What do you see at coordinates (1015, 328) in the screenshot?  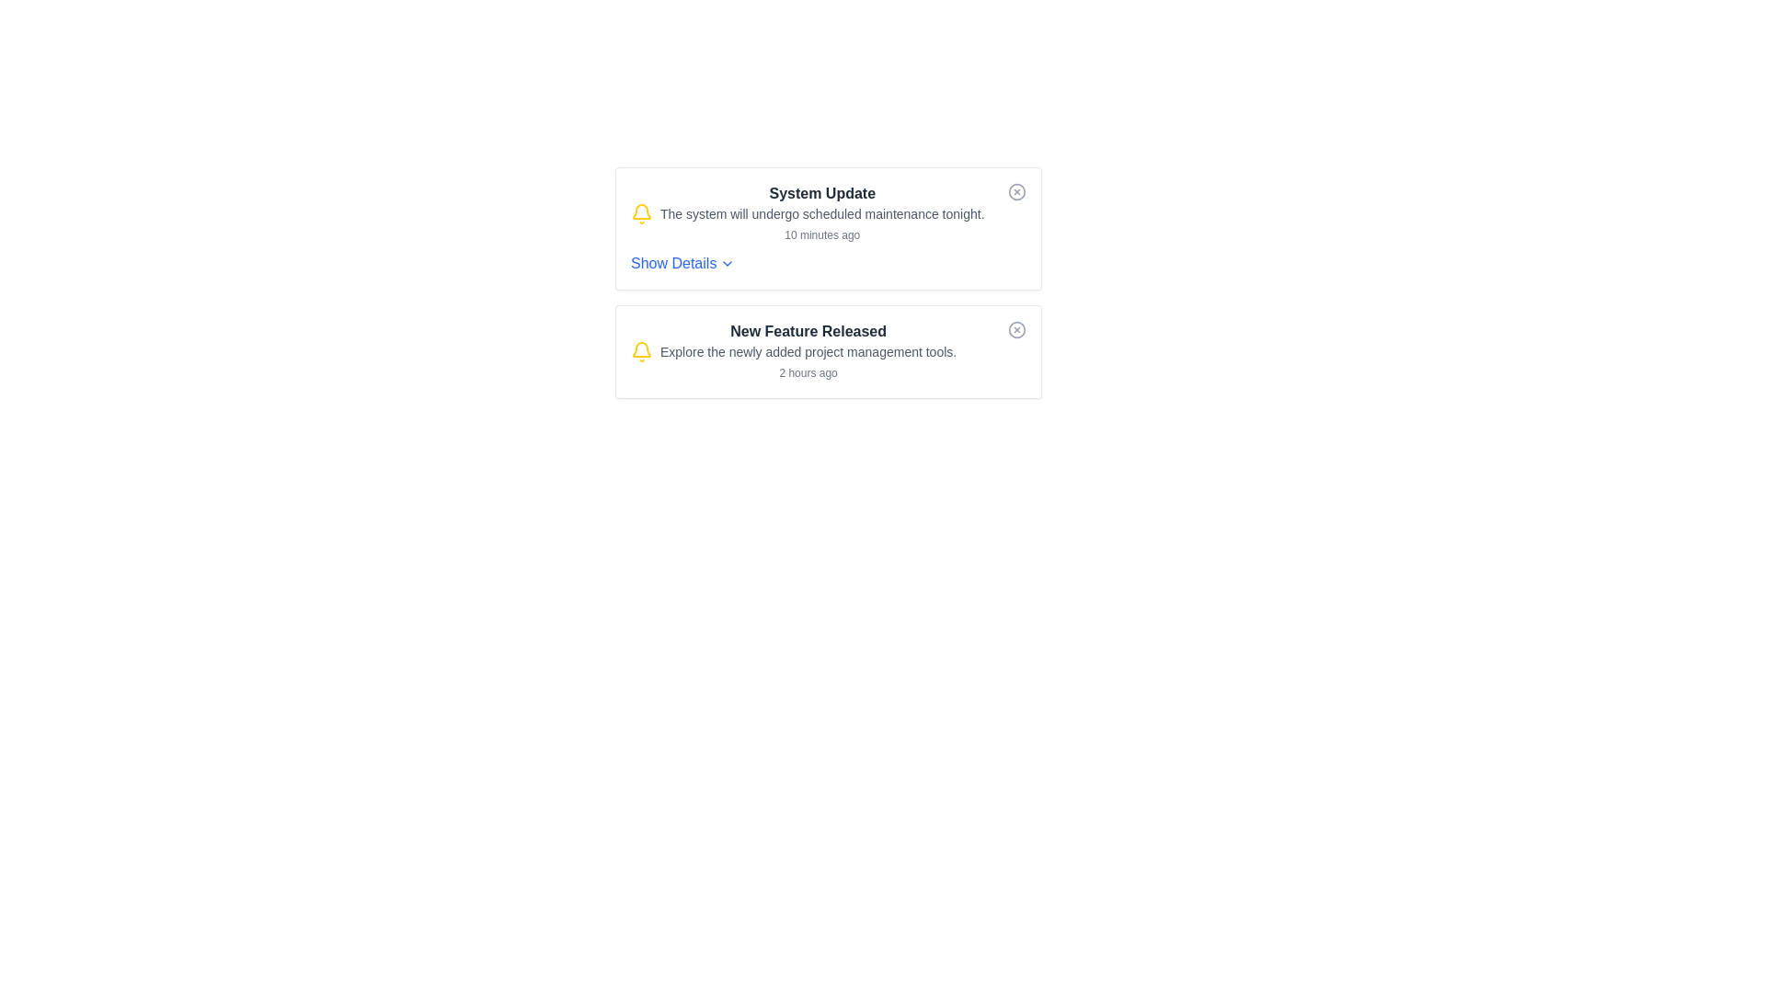 I see `the dismiss button located at the top-right corner of the 'New Feature Released' notification card` at bounding box center [1015, 328].